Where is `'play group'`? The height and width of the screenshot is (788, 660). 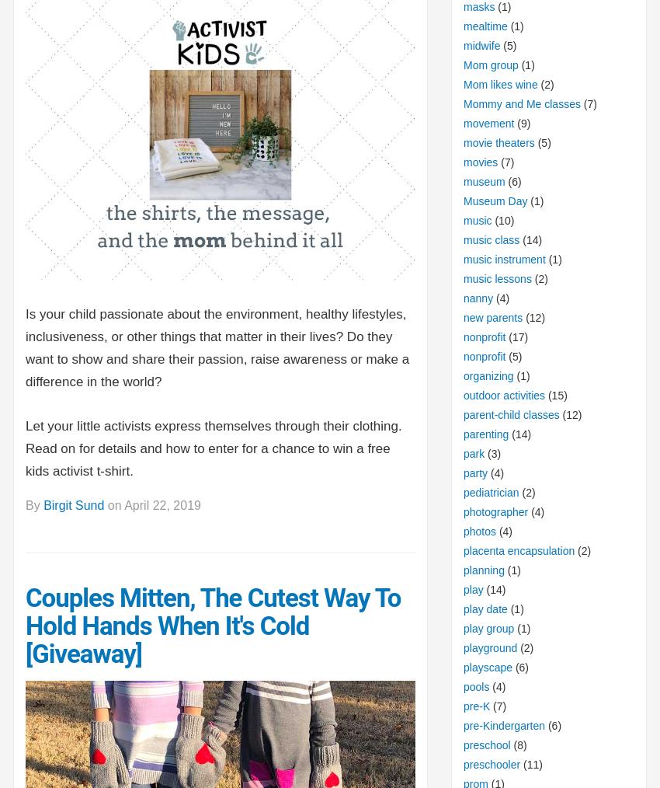
'play group' is located at coordinates (488, 627).